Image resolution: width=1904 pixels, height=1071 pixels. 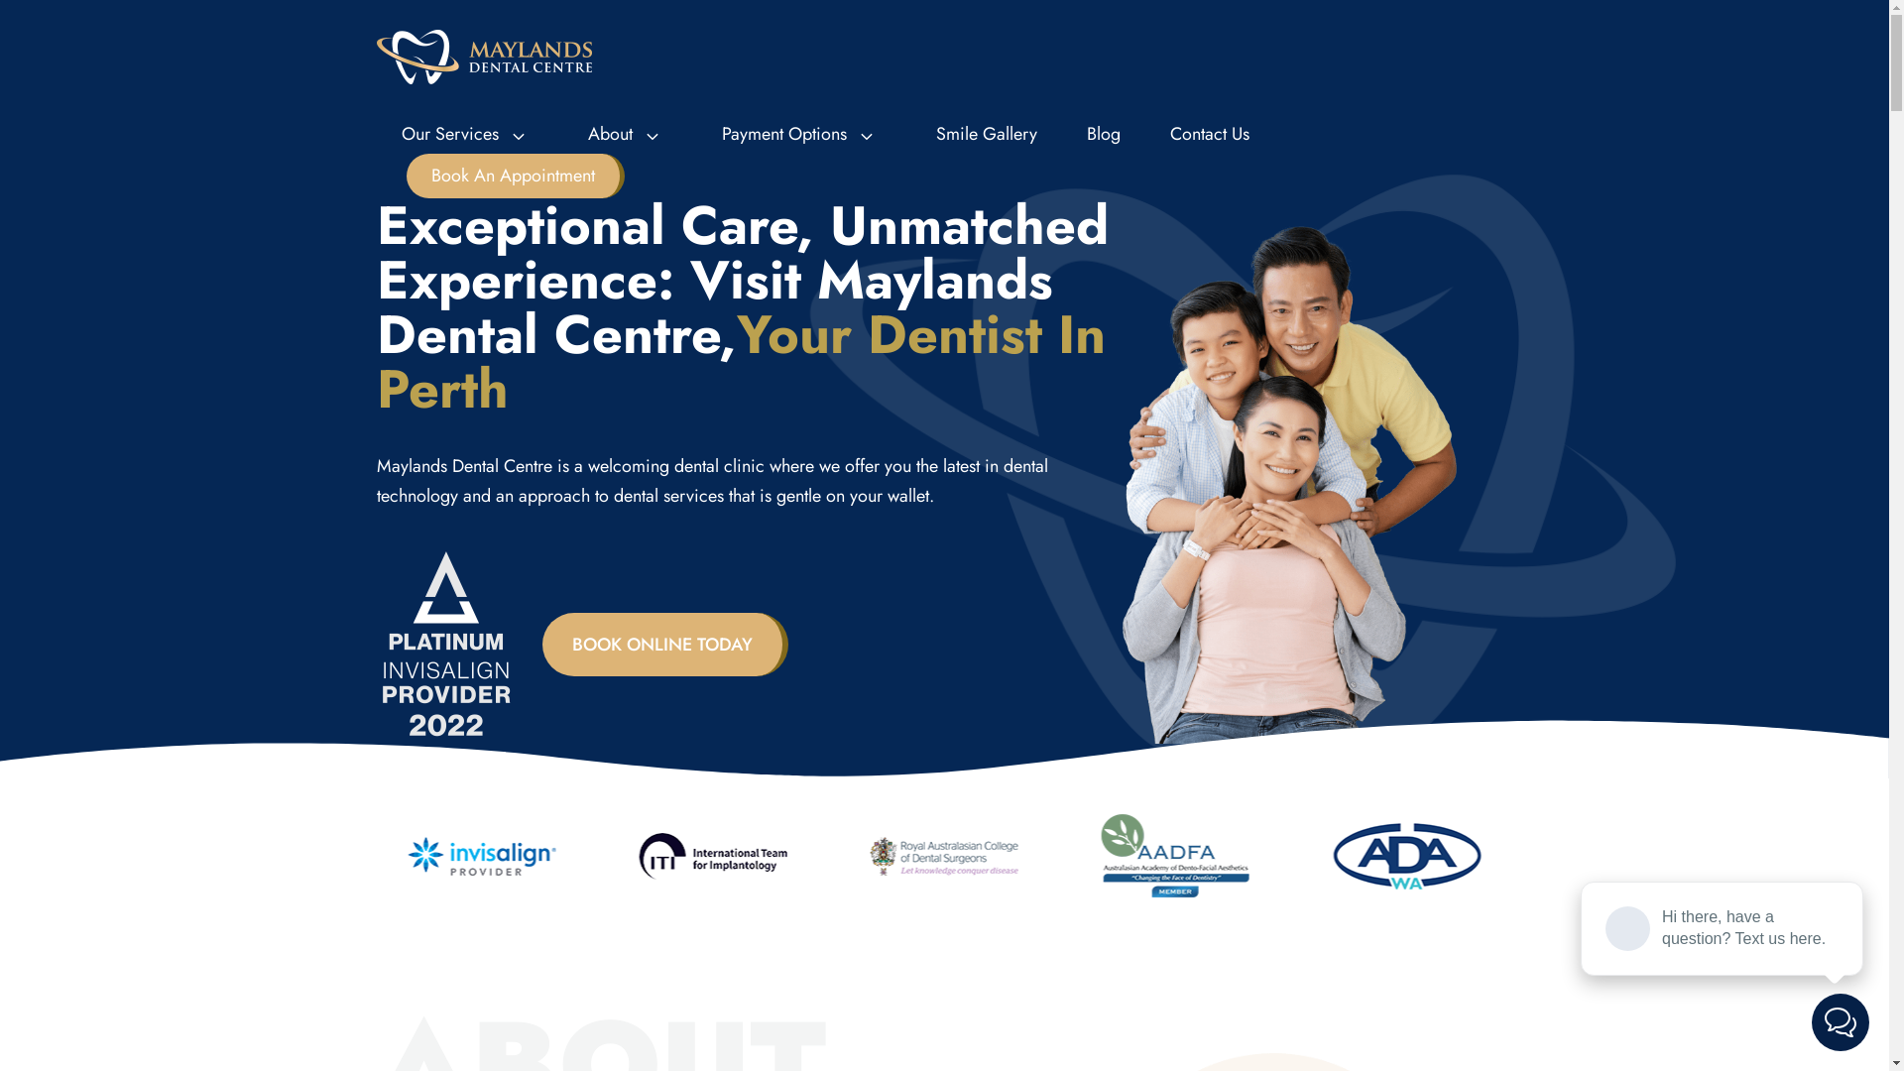 I want to click on 'About', so click(x=561, y=134).